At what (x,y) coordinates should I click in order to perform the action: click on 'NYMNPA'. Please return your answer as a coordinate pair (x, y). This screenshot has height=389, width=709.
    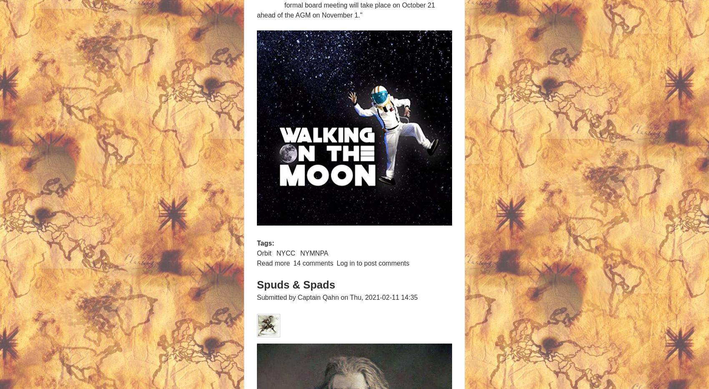
    Looking at the image, I should click on (314, 253).